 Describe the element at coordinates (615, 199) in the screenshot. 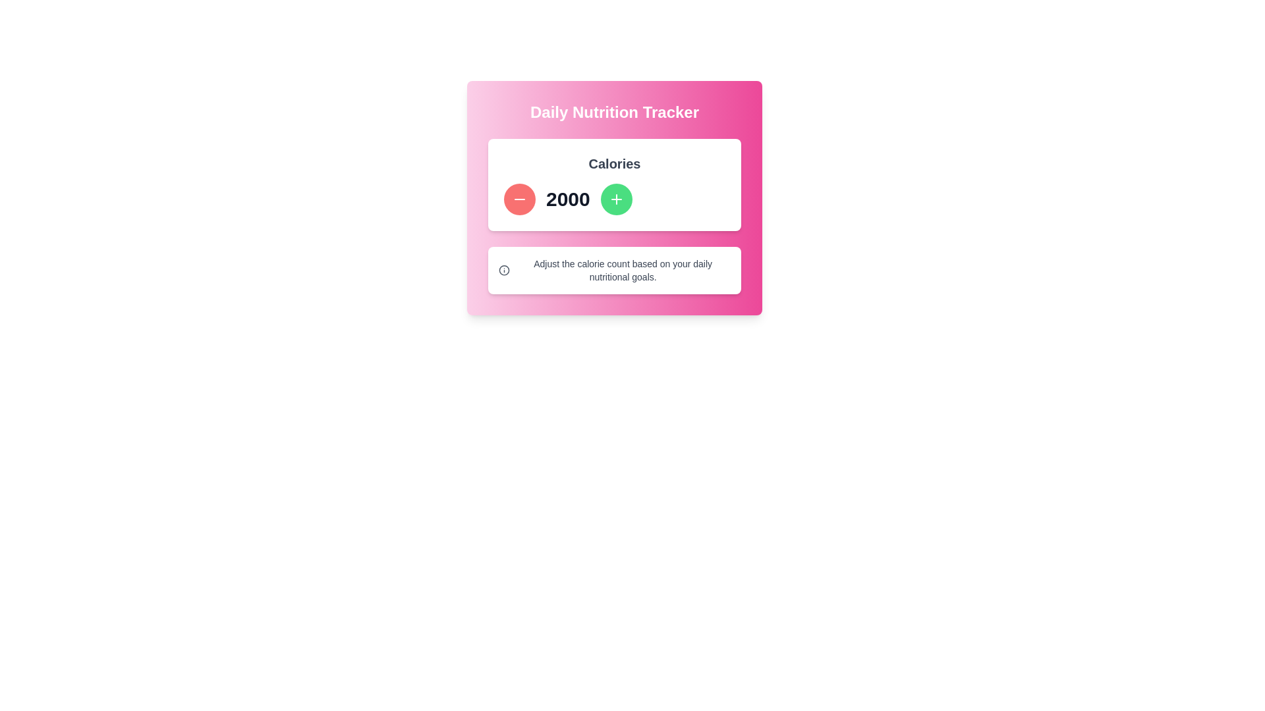

I see `the green circular button with a white plus icon, located to the right of the number '2000', to increment the value` at that location.